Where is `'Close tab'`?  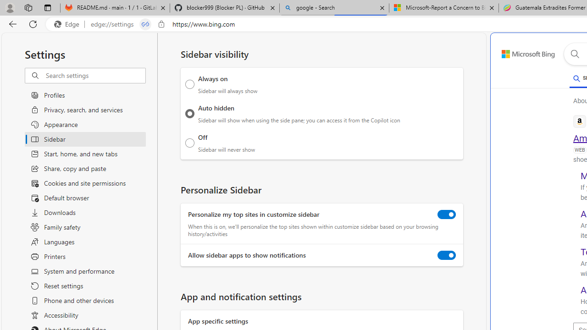
'Close tab' is located at coordinates (491, 8).